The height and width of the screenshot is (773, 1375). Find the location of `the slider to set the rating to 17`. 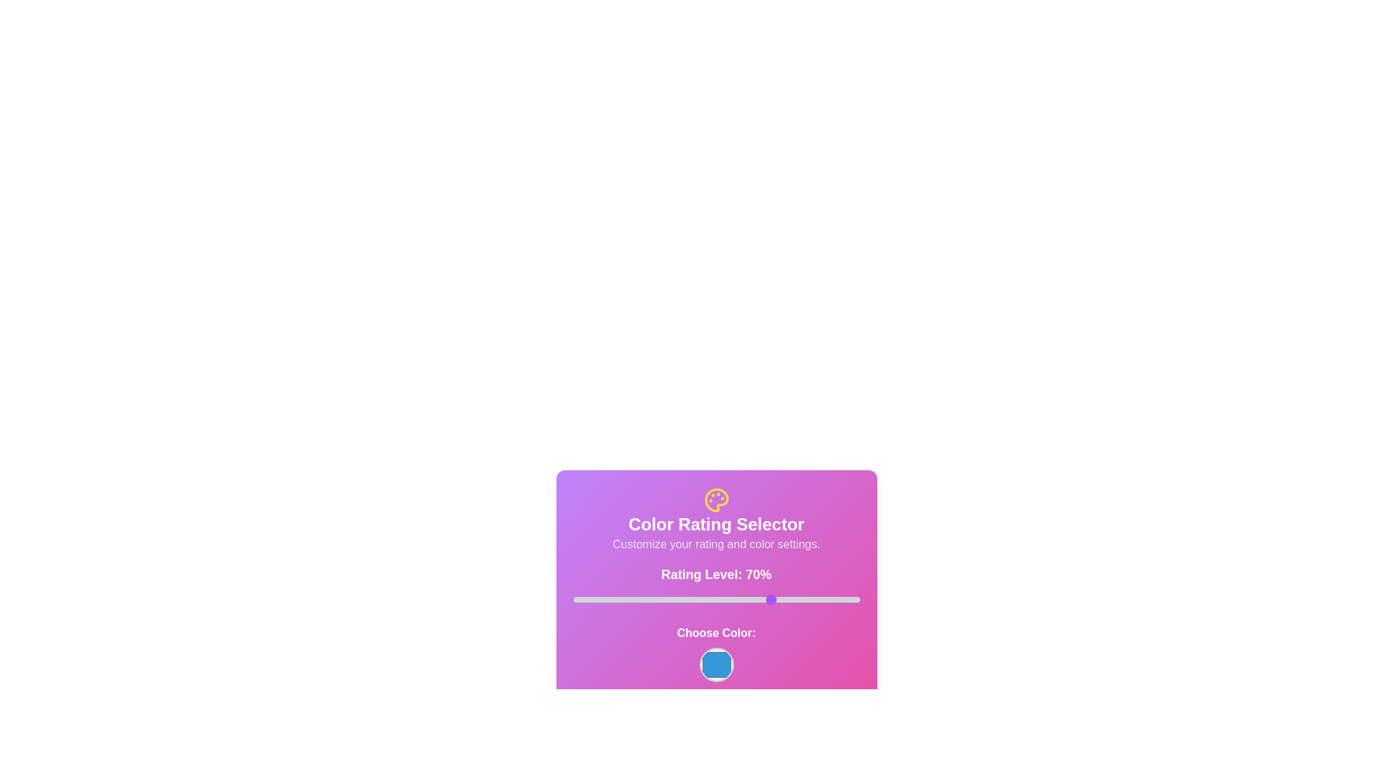

the slider to set the rating to 17 is located at coordinates (622, 599).